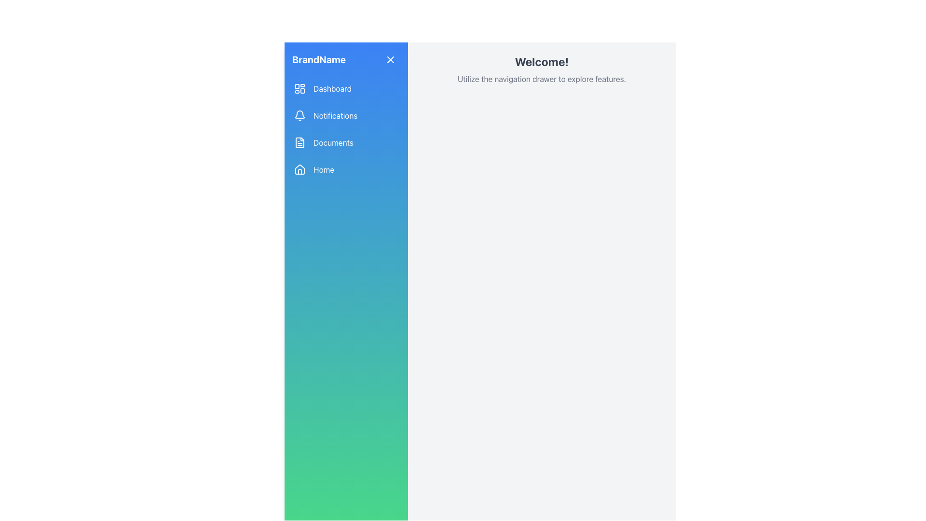 The image size is (926, 521). I want to click on the blue square icon with a grid pattern located in the left sidebar menu next to the 'Dashboard' text label, so click(300, 89).